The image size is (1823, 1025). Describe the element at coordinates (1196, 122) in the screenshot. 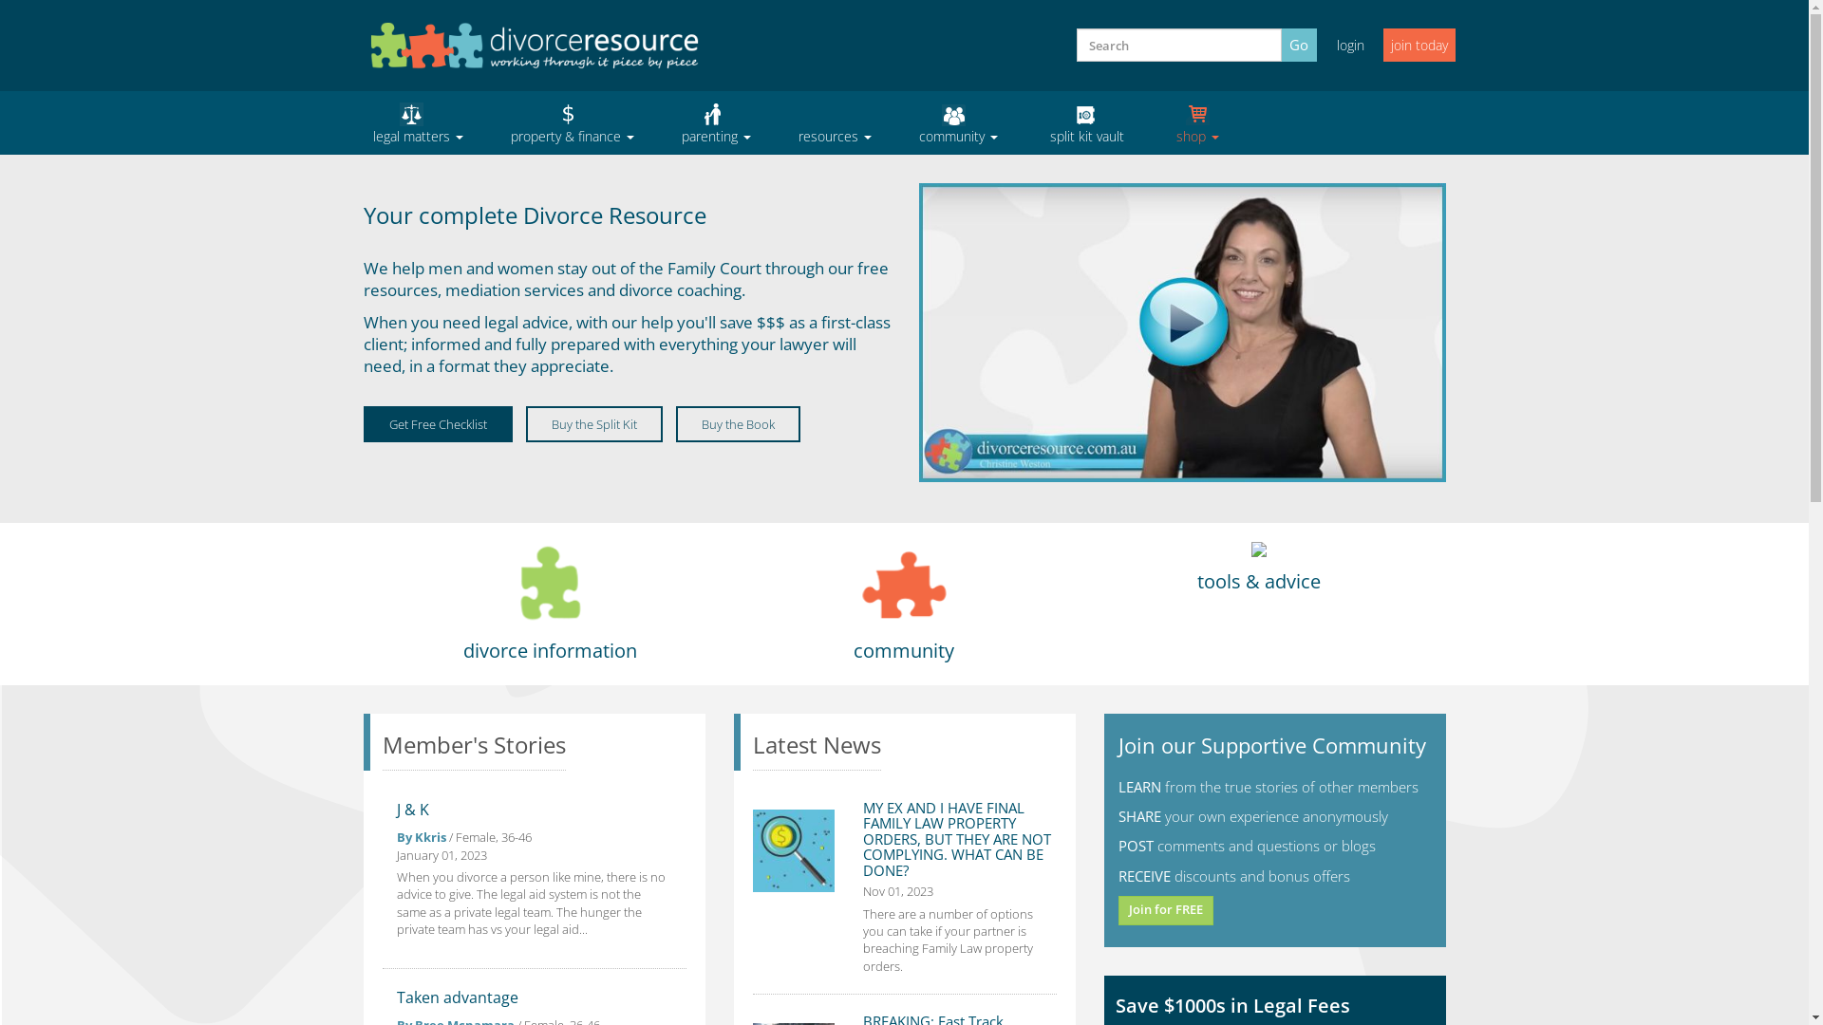

I see `'shop'` at that location.